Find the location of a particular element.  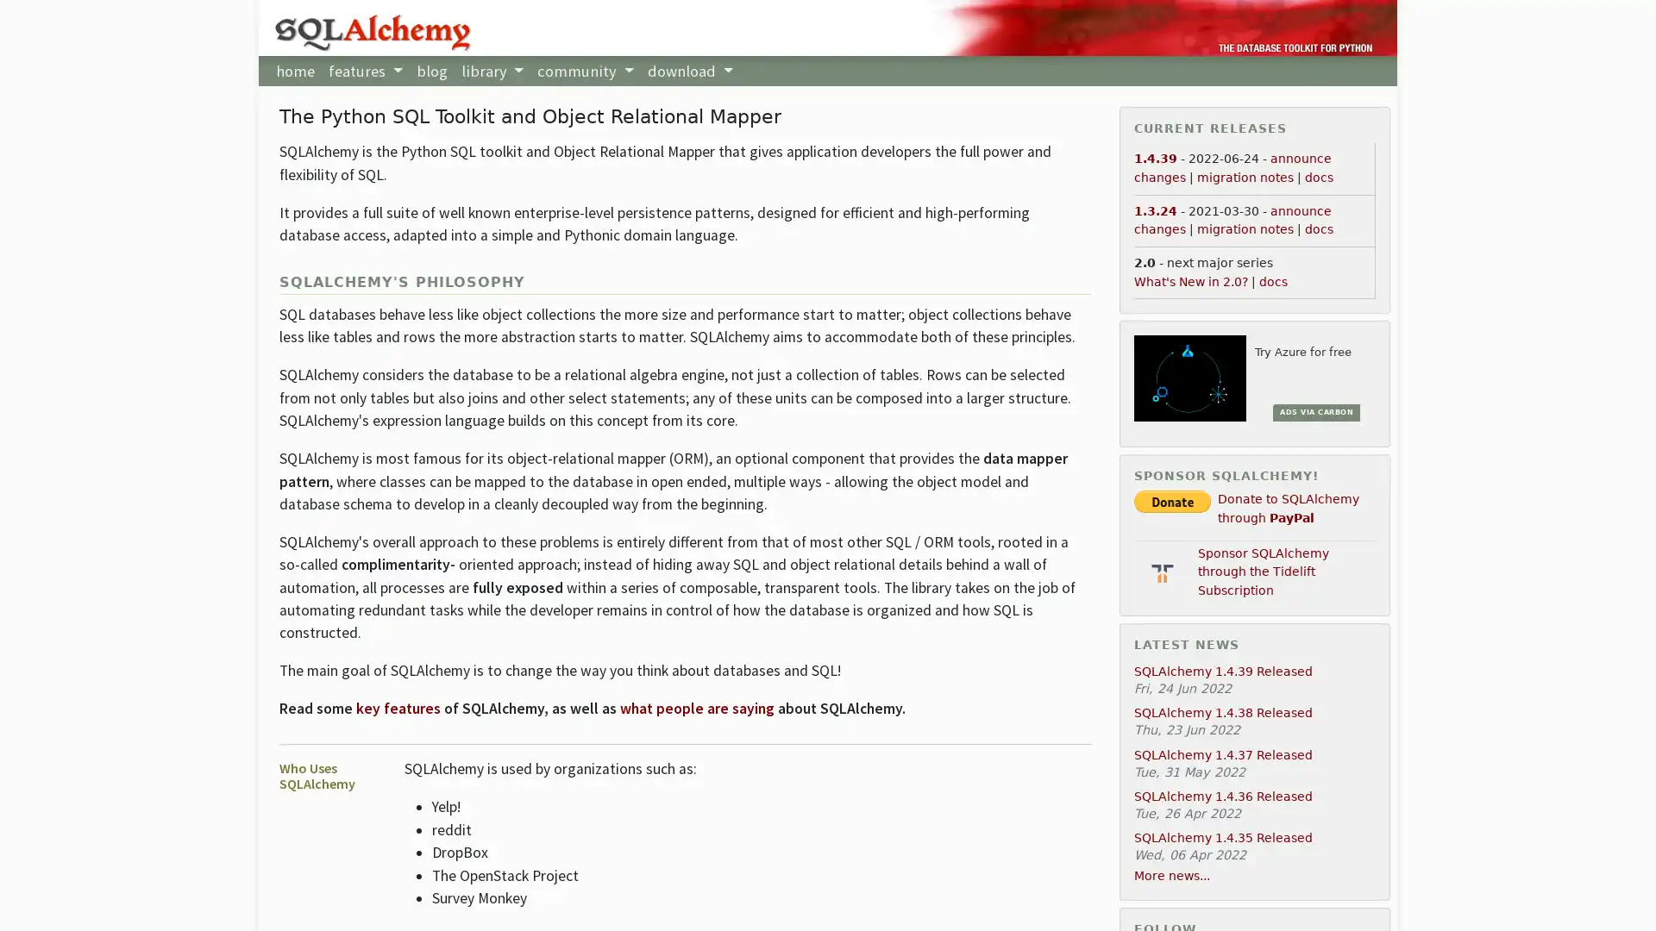

download is located at coordinates (690, 70).